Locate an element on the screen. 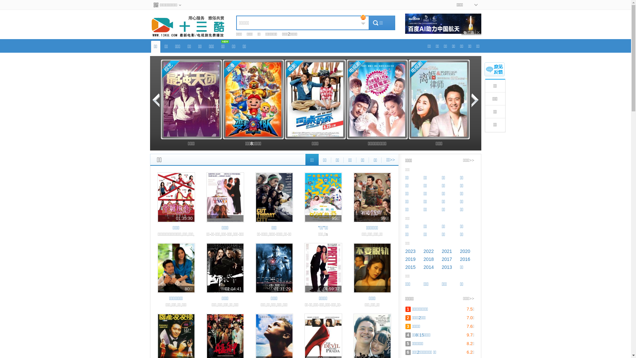  '2022' is located at coordinates (428, 251).